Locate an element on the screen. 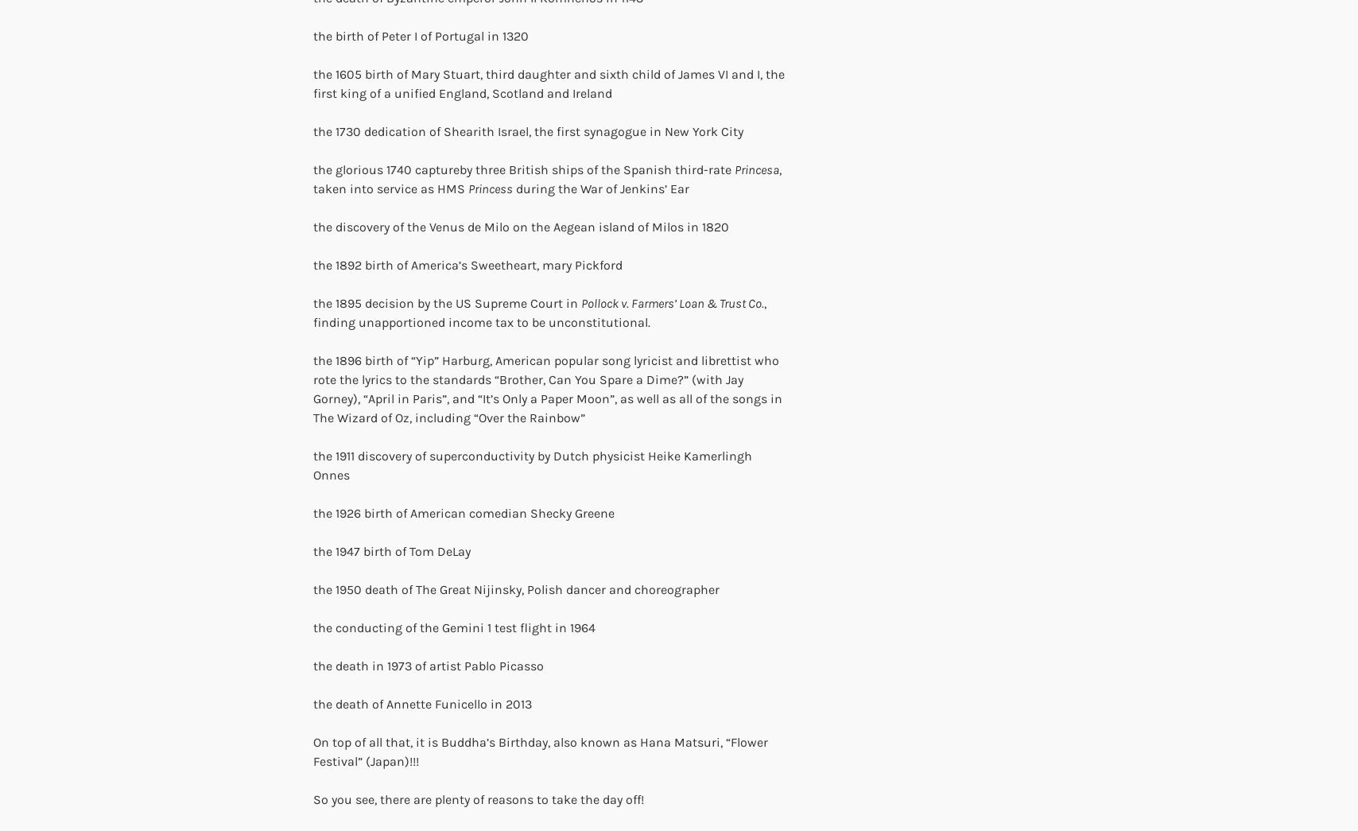 The height and width of the screenshot is (831, 1358). 'the conducting of the Gemini 1 test flight in 1964' is located at coordinates (454, 627).